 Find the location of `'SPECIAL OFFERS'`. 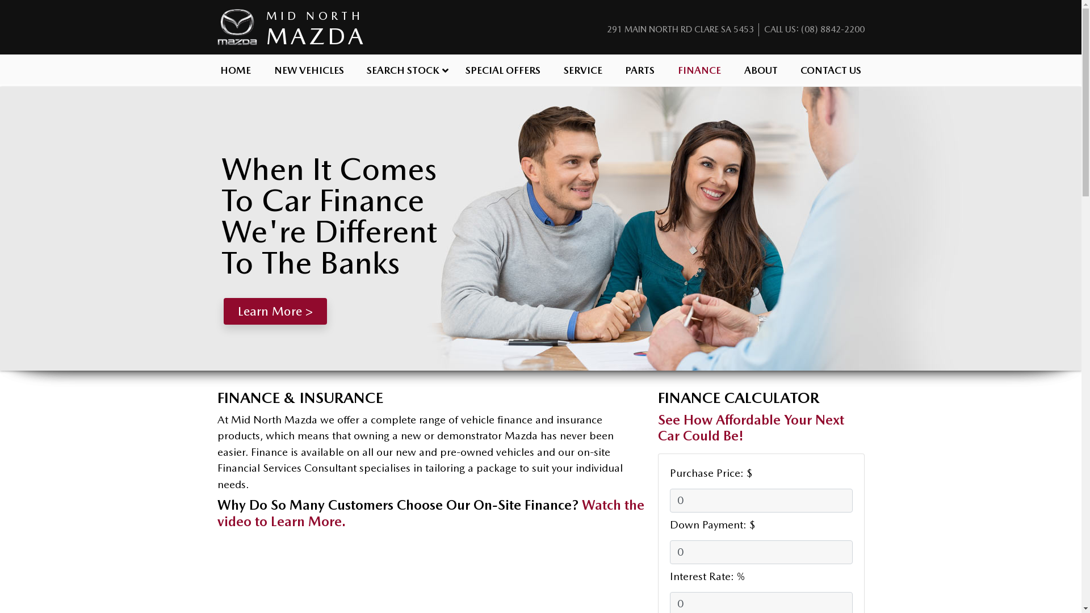

'SPECIAL OFFERS' is located at coordinates (502, 69).